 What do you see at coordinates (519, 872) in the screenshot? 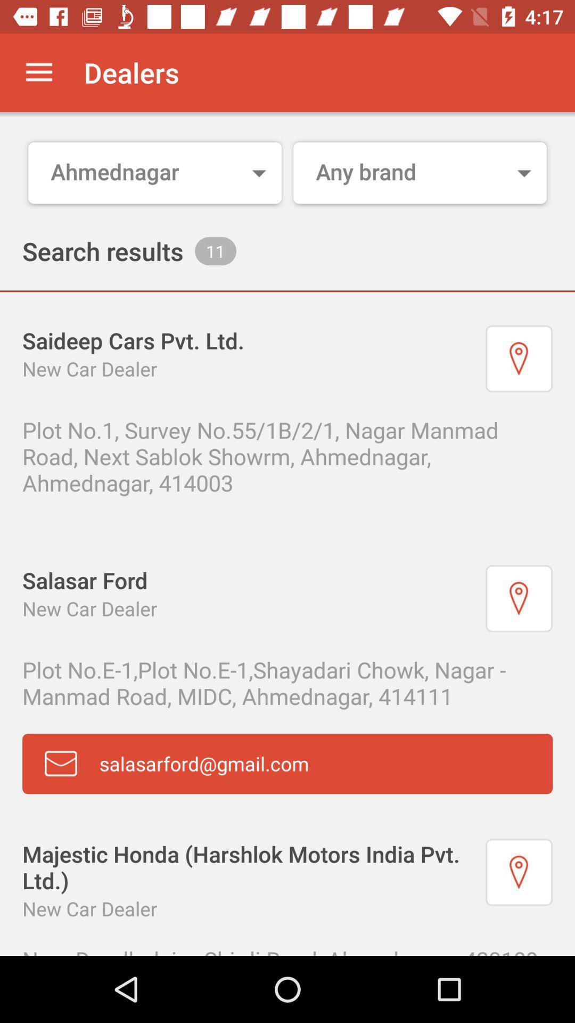
I see `see on map` at bounding box center [519, 872].